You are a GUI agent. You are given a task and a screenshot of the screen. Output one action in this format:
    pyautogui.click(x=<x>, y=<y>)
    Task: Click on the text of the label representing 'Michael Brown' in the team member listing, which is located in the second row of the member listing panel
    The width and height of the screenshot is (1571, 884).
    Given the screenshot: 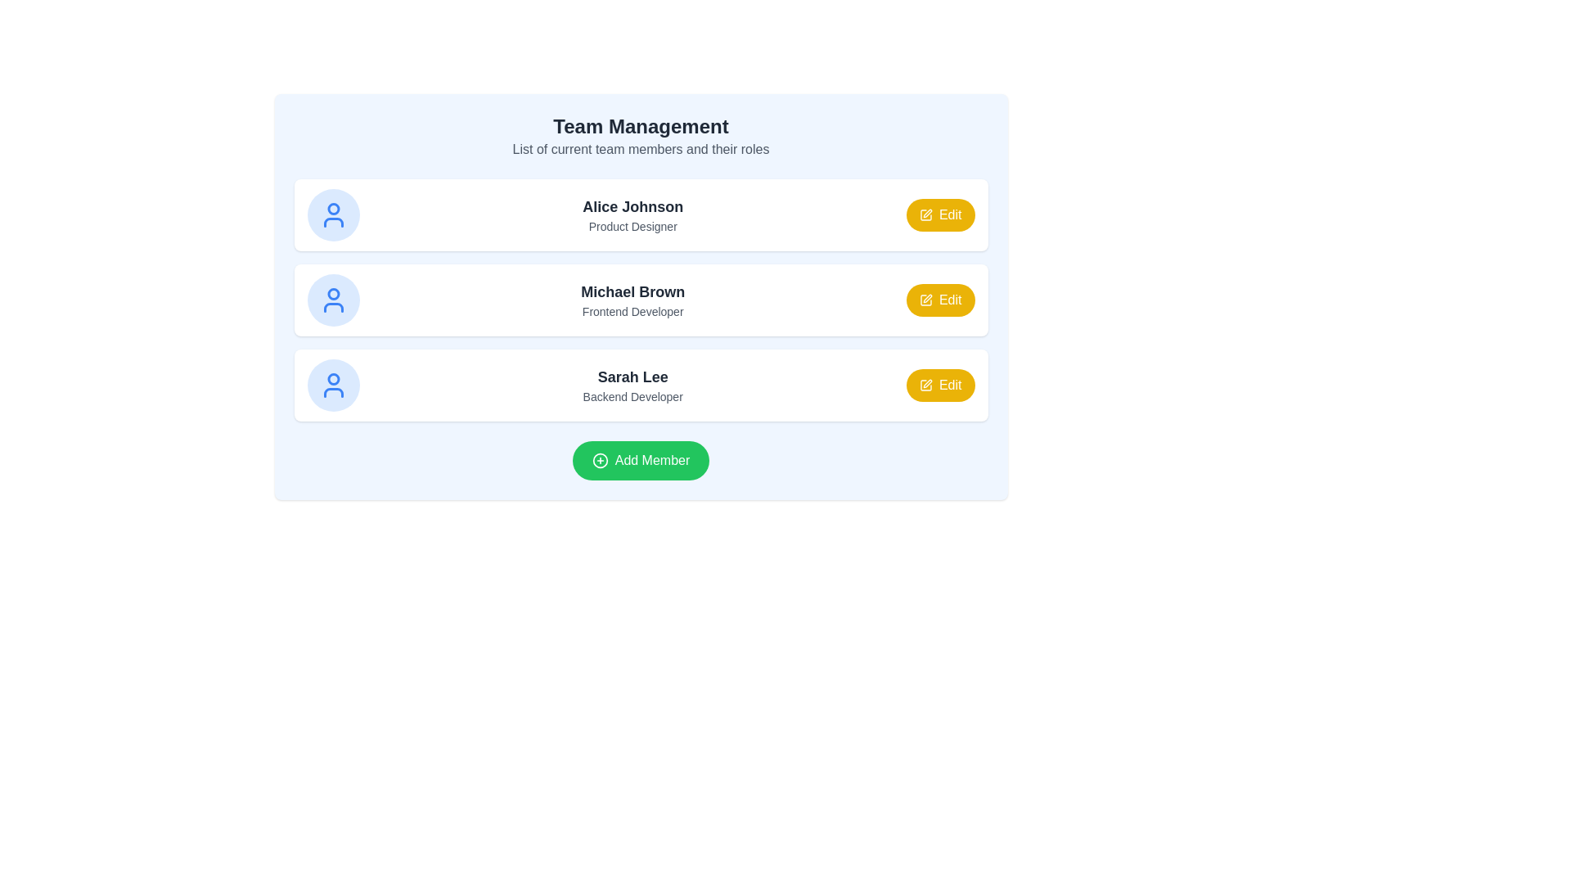 What is the action you would take?
    pyautogui.click(x=632, y=291)
    